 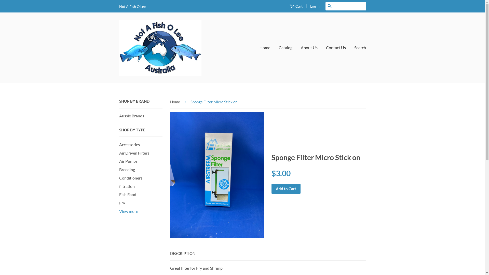 I want to click on 'Add to Cart', so click(x=286, y=189).